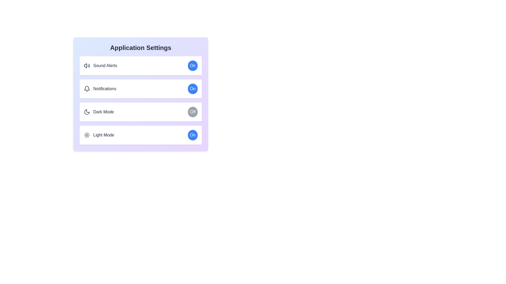 This screenshot has width=506, height=284. What do you see at coordinates (89, 65) in the screenshot?
I see `the outermost wave representing sound emanation in the 'Sound Alerts' icon within the settings dialog` at bounding box center [89, 65].